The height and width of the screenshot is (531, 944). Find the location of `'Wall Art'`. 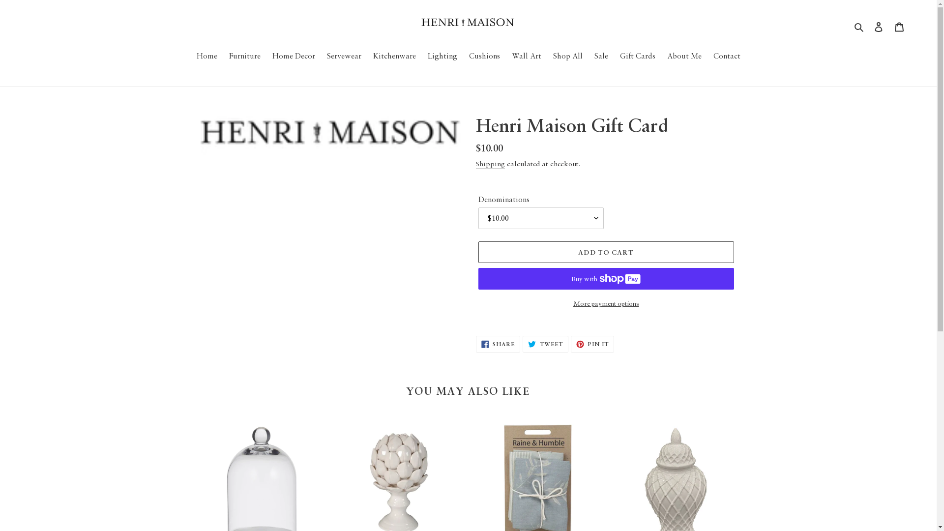

'Wall Art' is located at coordinates (506, 56).